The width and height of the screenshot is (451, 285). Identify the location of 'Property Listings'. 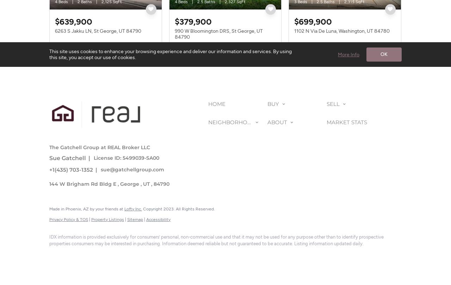
(107, 218).